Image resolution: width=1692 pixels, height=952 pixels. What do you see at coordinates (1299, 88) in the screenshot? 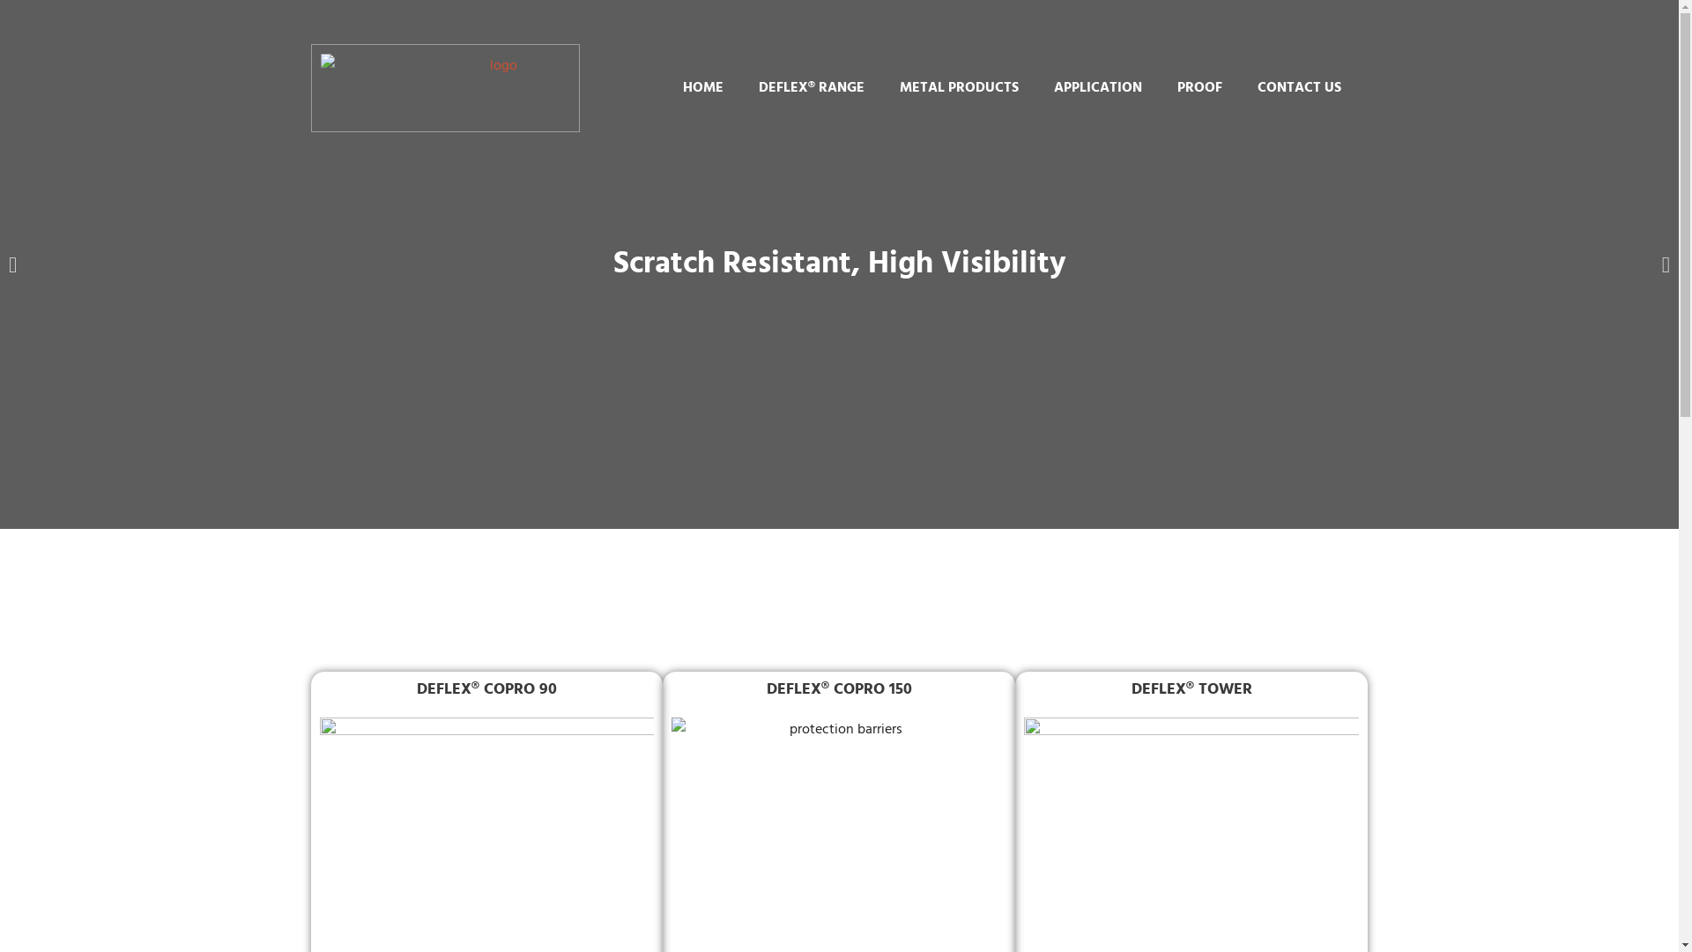
I see `'CONTACT US'` at bounding box center [1299, 88].